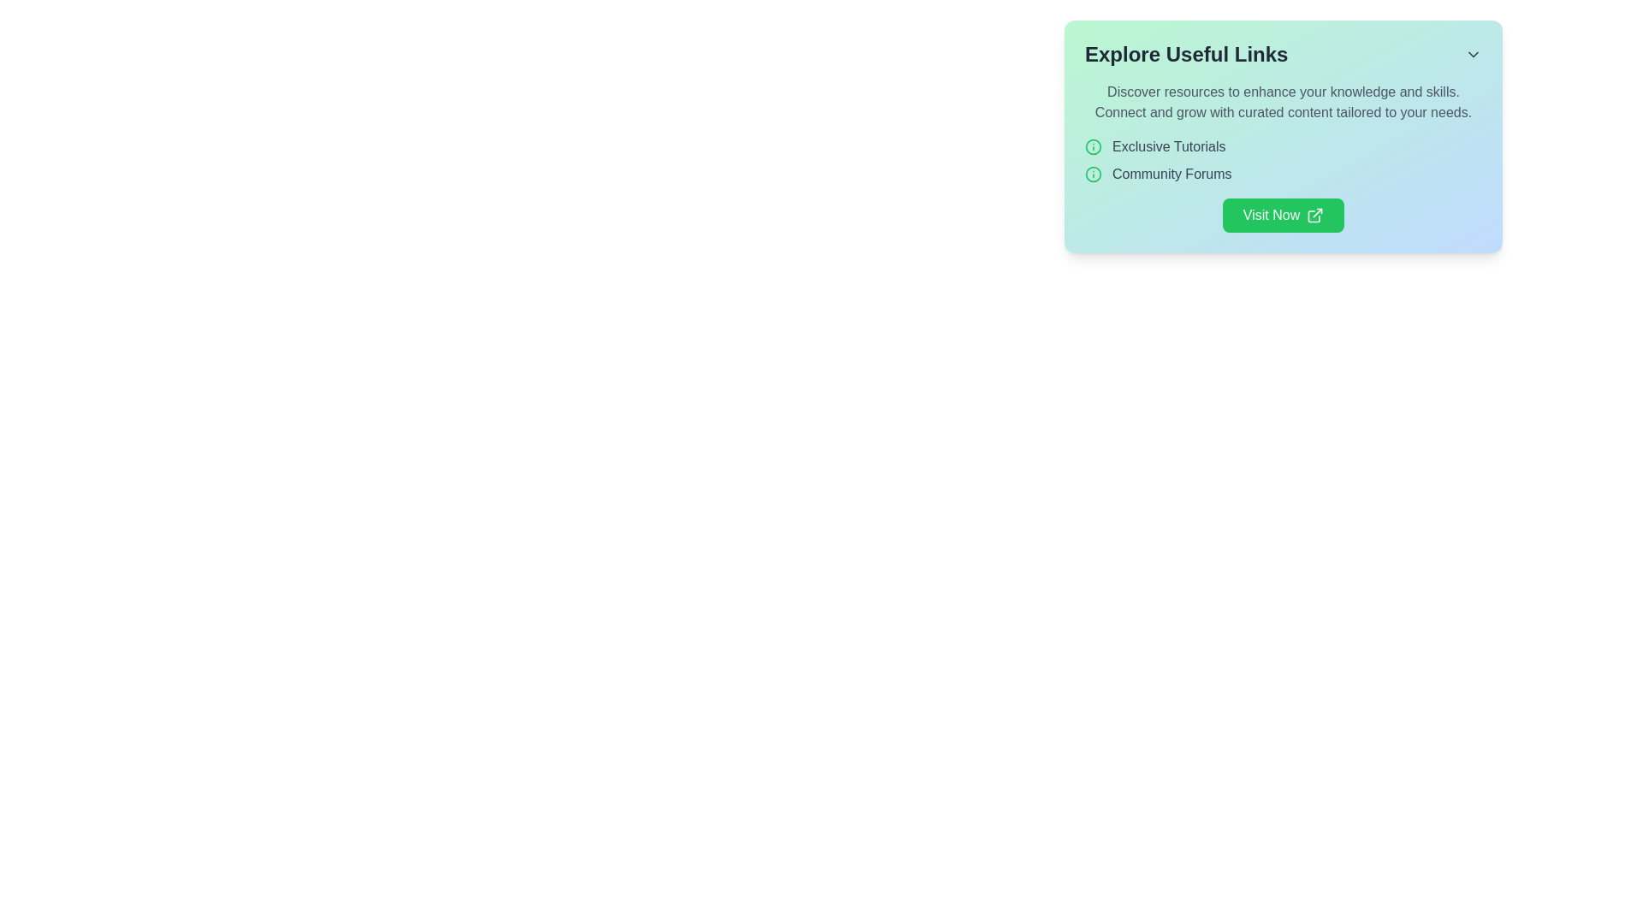 Image resolution: width=1643 pixels, height=924 pixels. Describe the element at coordinates (1283, 214) in the screenshot. I see `the 'Visit Now' button with a green background and white text, located at the bottom-right corner of the 'Explore Useful Links' section` at that location.